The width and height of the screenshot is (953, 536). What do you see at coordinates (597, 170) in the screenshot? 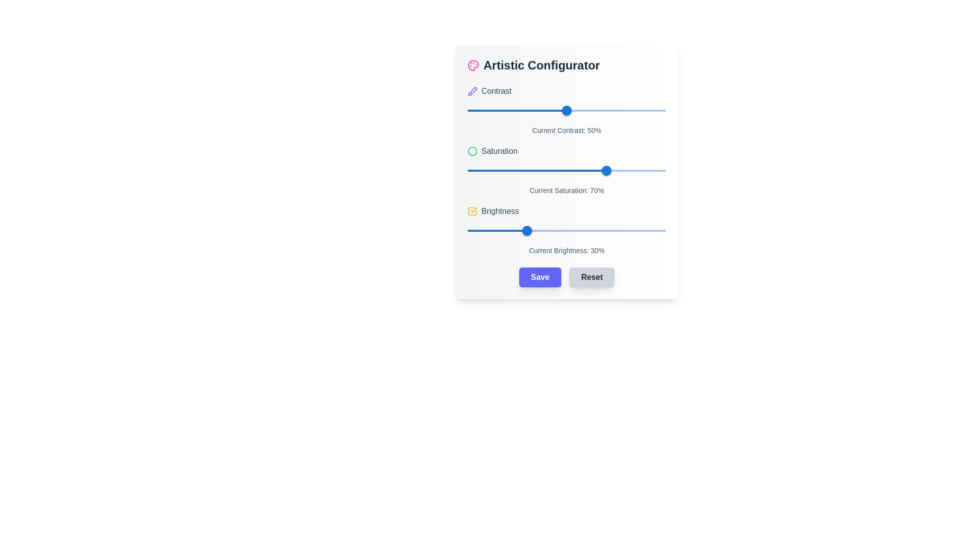
I see `saturation` at bounding box center [597, 170].